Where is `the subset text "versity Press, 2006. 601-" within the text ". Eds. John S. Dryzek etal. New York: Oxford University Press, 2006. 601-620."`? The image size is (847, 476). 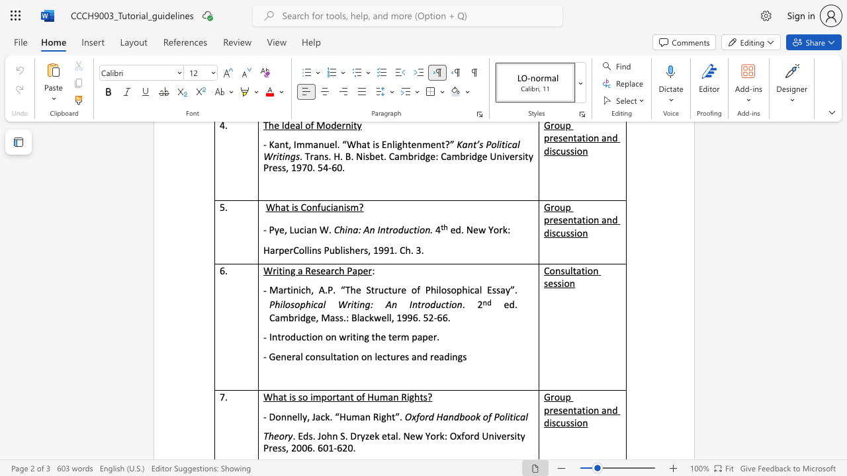 the subset text "versity Press, 2006. 601-" within the text ". Eds. John S. Dryzek etal. New York: Oxford University Press, 2006. 601-620." is located at coordinates (496, 436).